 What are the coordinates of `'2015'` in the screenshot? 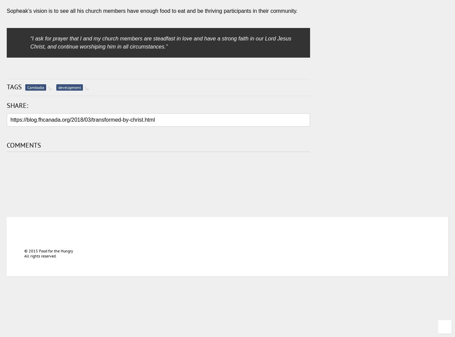 It's located at (33, 250).